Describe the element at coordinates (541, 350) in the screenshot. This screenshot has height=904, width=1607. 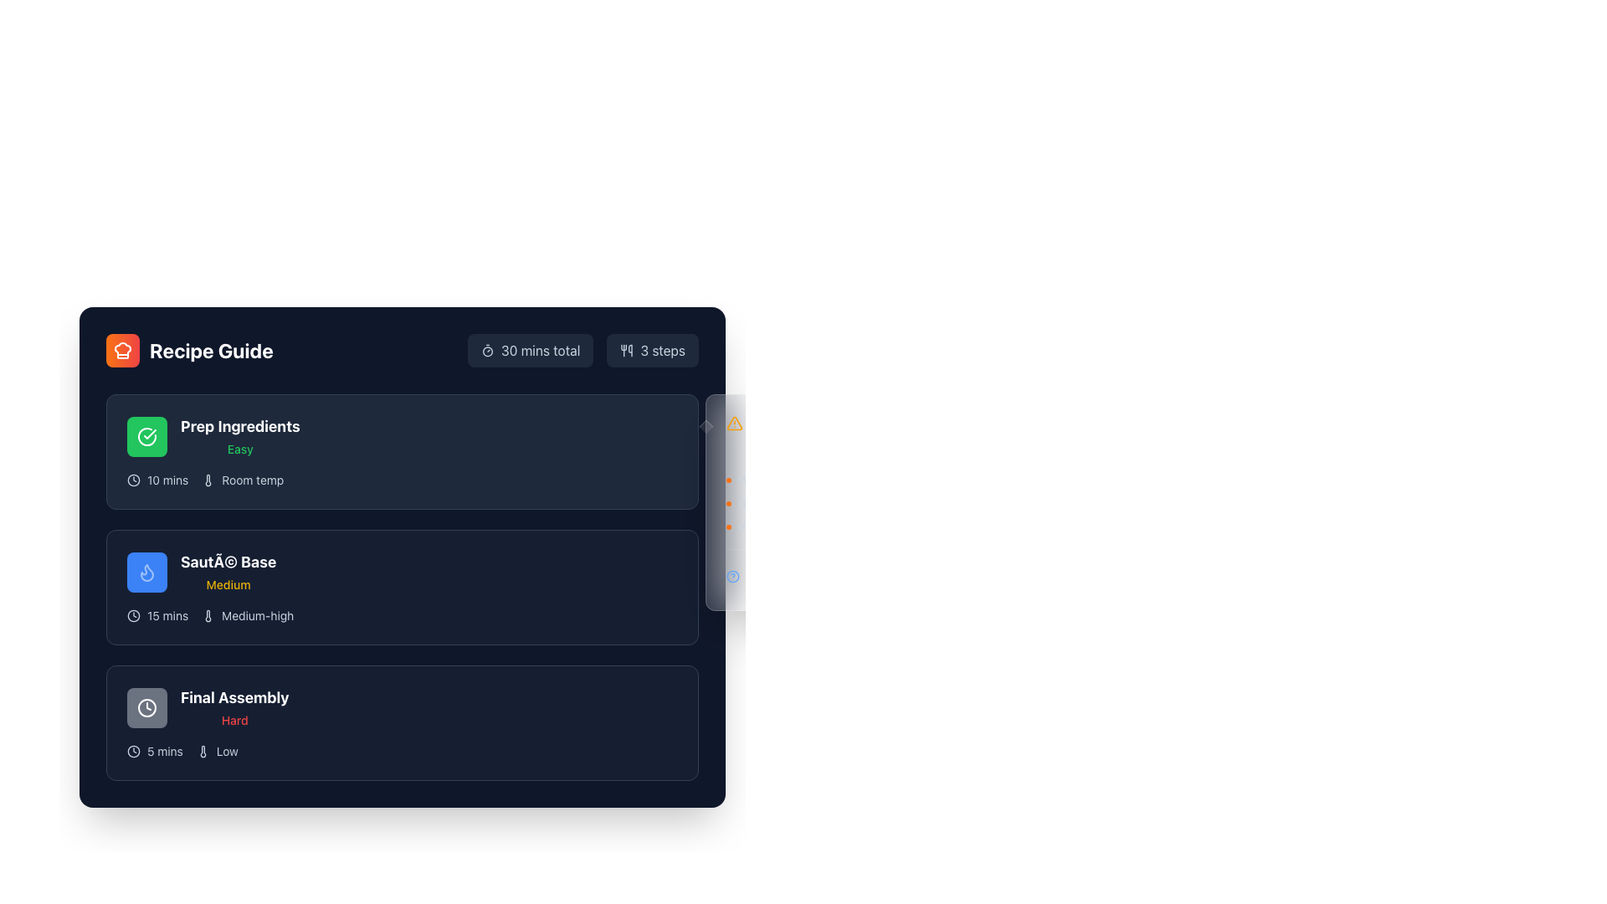
I see `the static text label indicating the total duration of 30 minutes, which is located towards the top-right section of the primary interface display` at that location.